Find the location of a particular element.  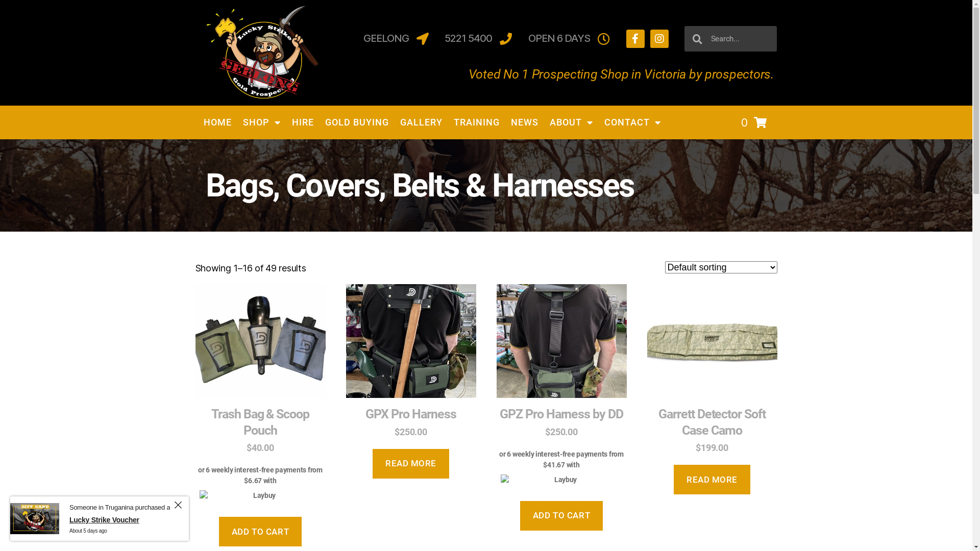

'GALLERY' is located at coordinates (421, 121).